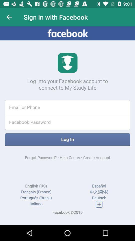 This screenshot has height=241, width=135. I want to click on screen, so click(67, 126).